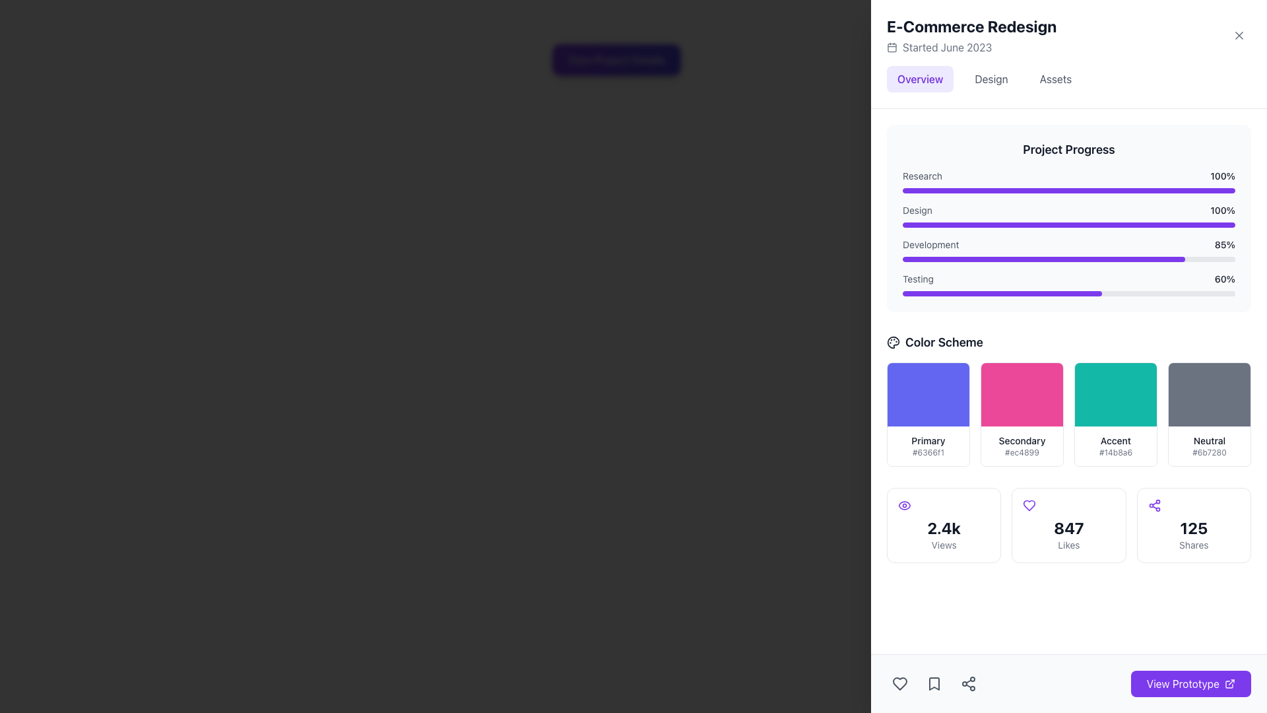 The height and width of the screenshot is (713, 1267). Describe the element at coordinates (1194, 524) in the screenshot. I see `the informational card that displays the number of shares, located to the right of '2.4k Views' and '847 Likes', which is the third item in the grid layout` at that location.